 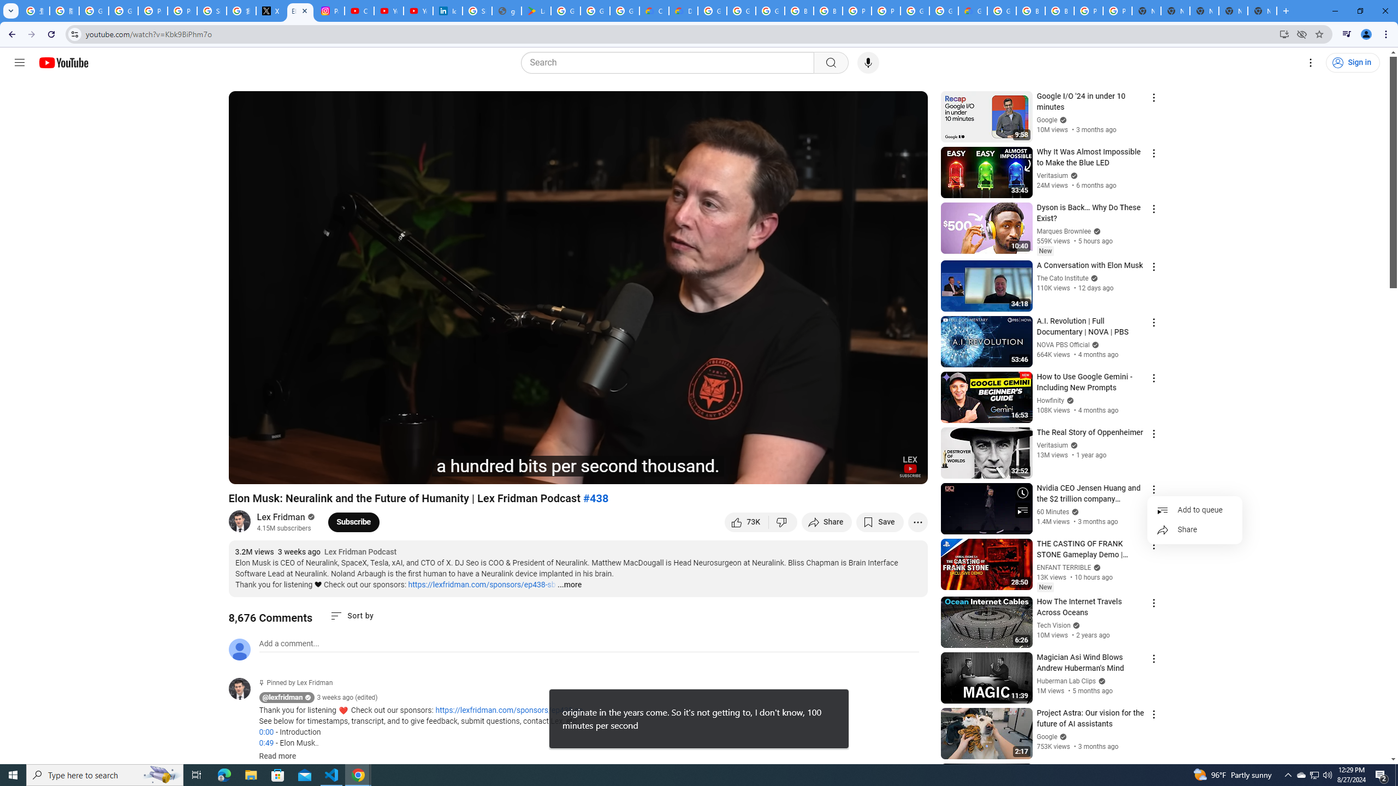 I want to click on 'Google Cloud Platform', so click(x=915, y=10).